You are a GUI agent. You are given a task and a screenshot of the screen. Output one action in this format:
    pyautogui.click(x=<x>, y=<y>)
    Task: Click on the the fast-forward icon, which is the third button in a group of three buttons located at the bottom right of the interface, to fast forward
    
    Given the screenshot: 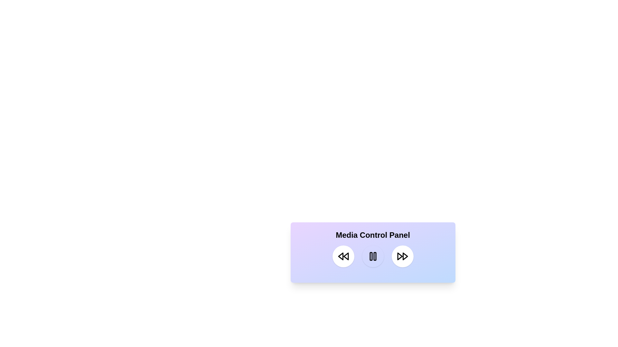 What is the action you would take?
    pyautogui.click(x=402, y=256)
    